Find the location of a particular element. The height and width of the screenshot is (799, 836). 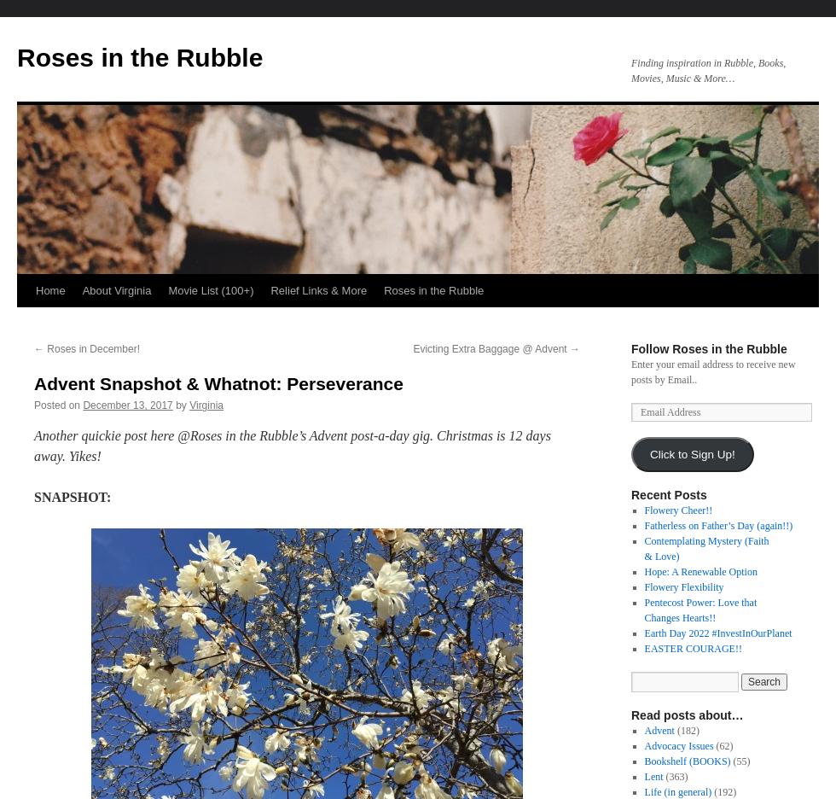

'Pentecost Power: Love that Changes Hearts!!' is located at coordinates (700, 609).